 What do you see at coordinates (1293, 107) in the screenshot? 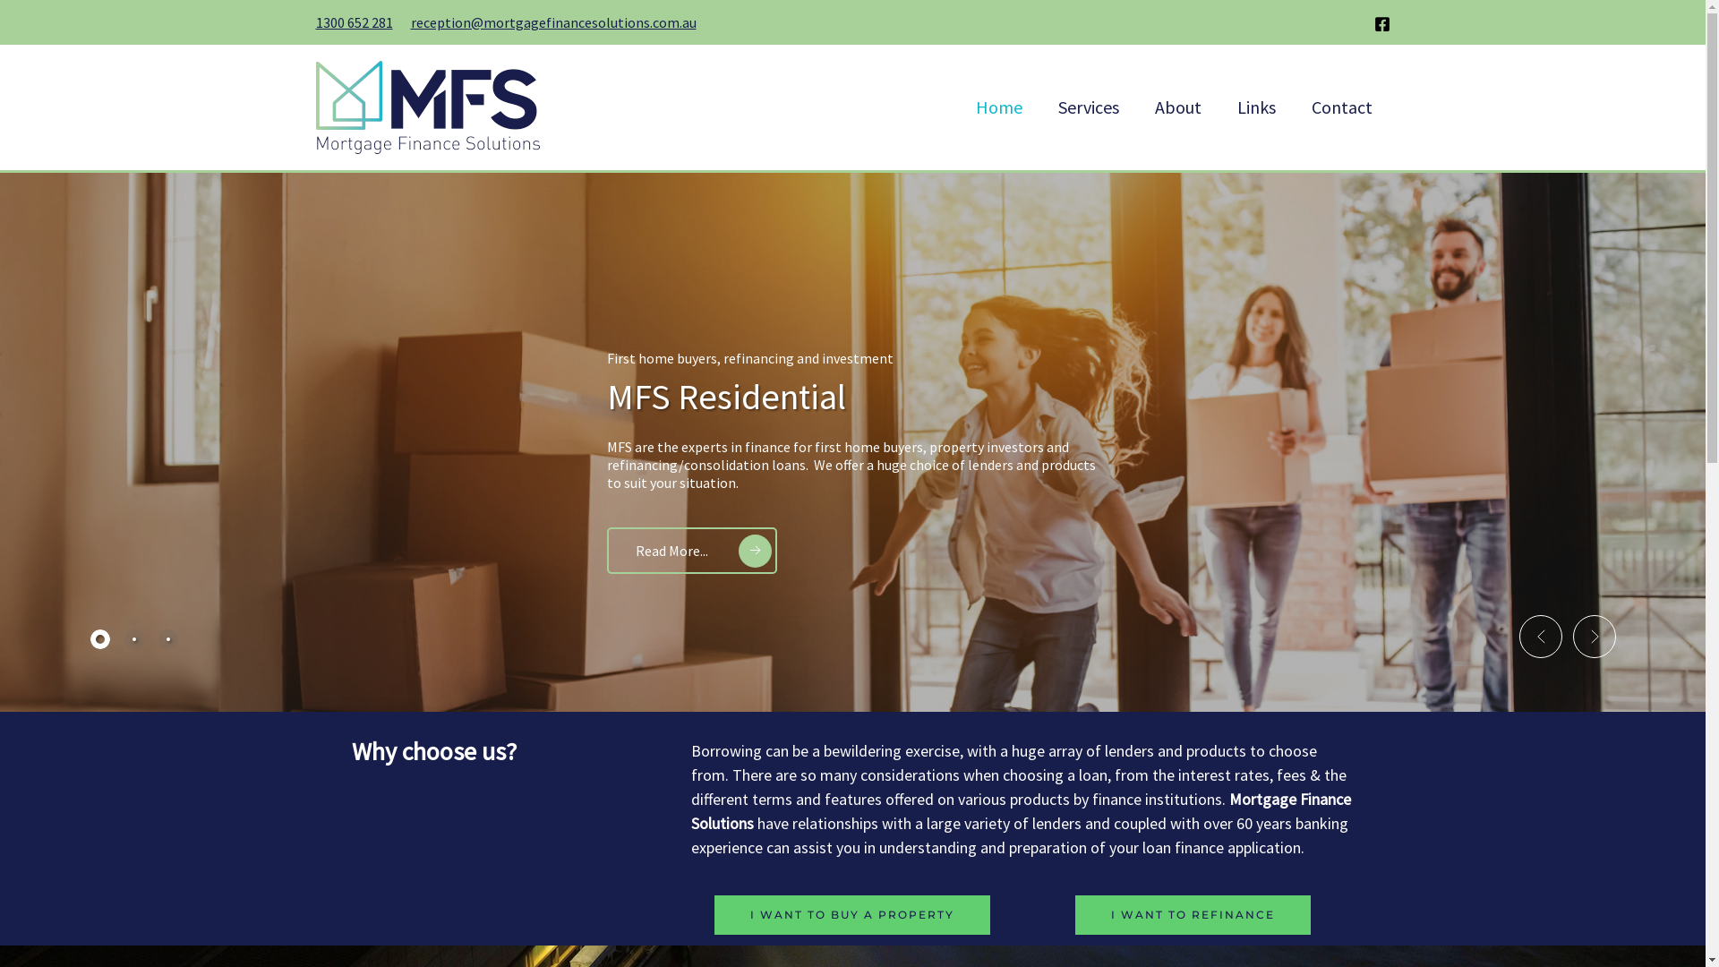
I see `'Contact'` at bounding box center [1293, 107].